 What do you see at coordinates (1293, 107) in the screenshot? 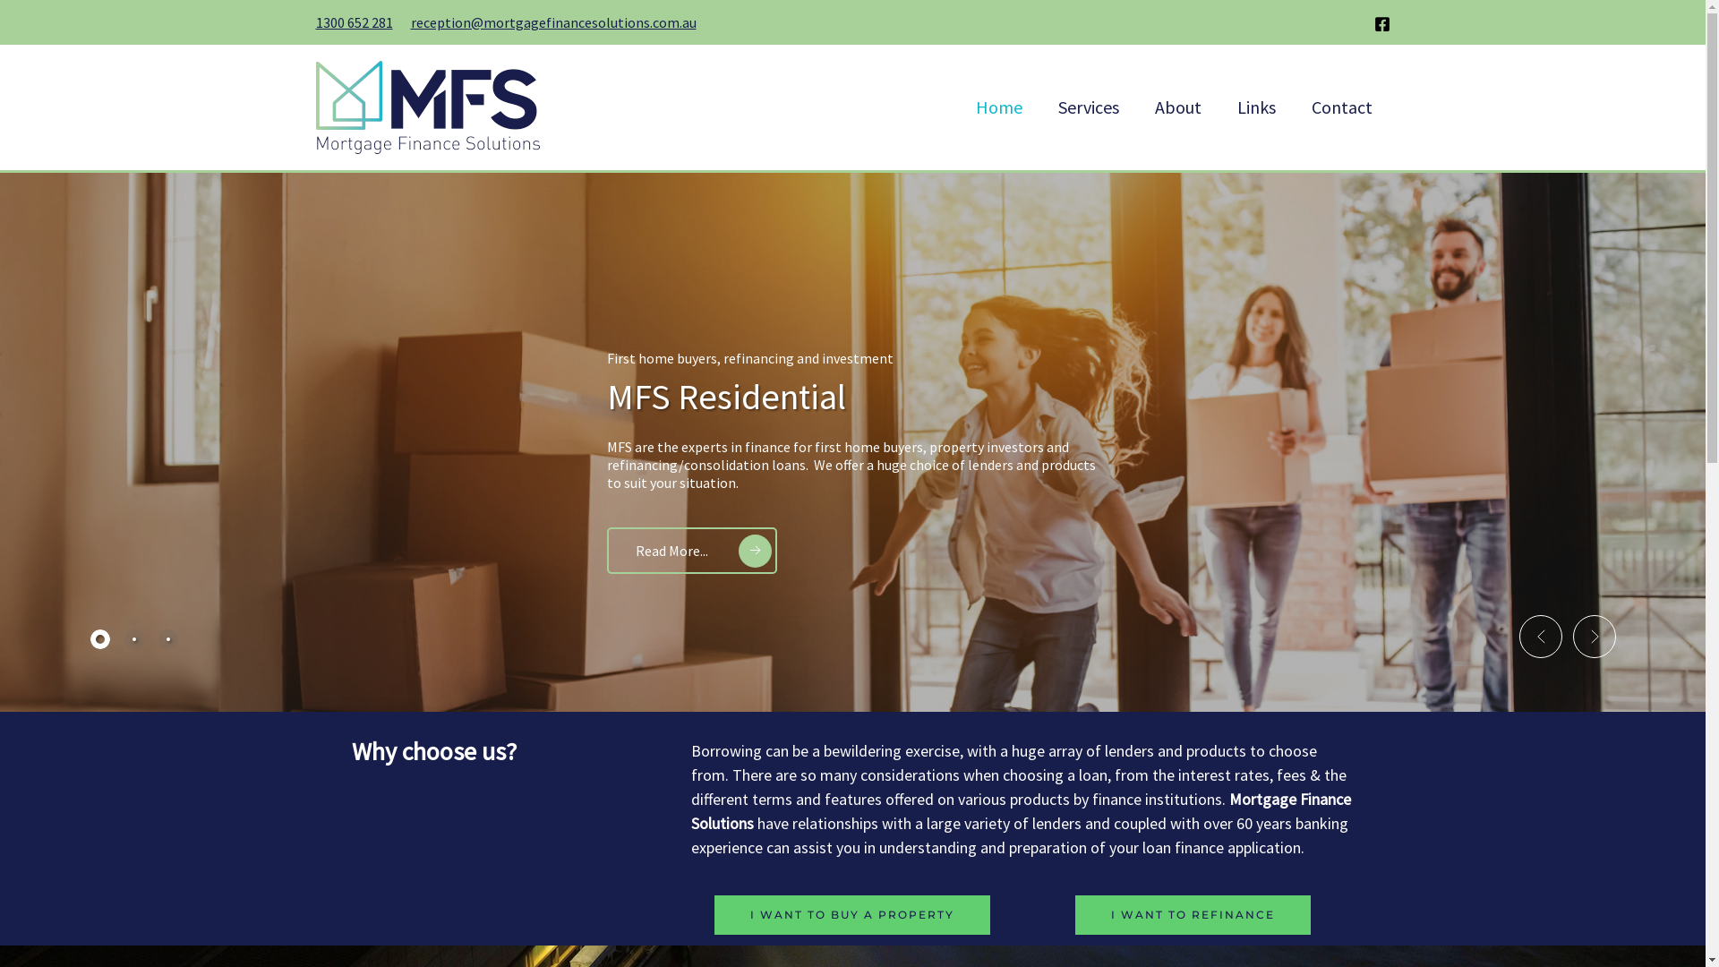
I see `'Contact'` at bounding box center [1293, 107].